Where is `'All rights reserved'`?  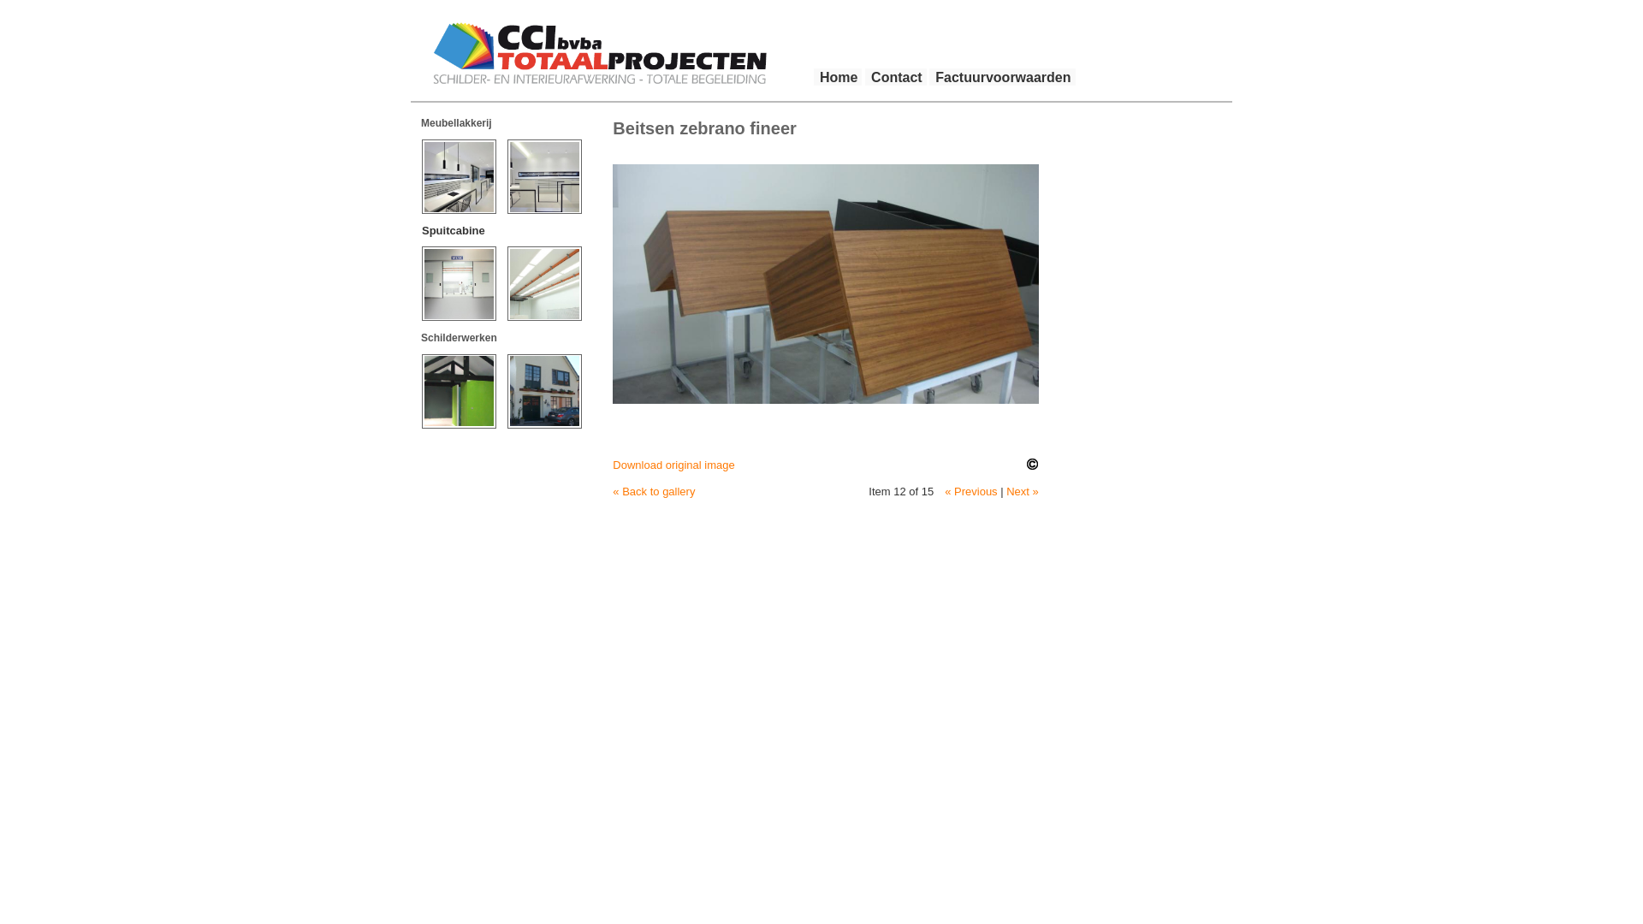 'All rights reserved' is located at coordinates (1031, 465).